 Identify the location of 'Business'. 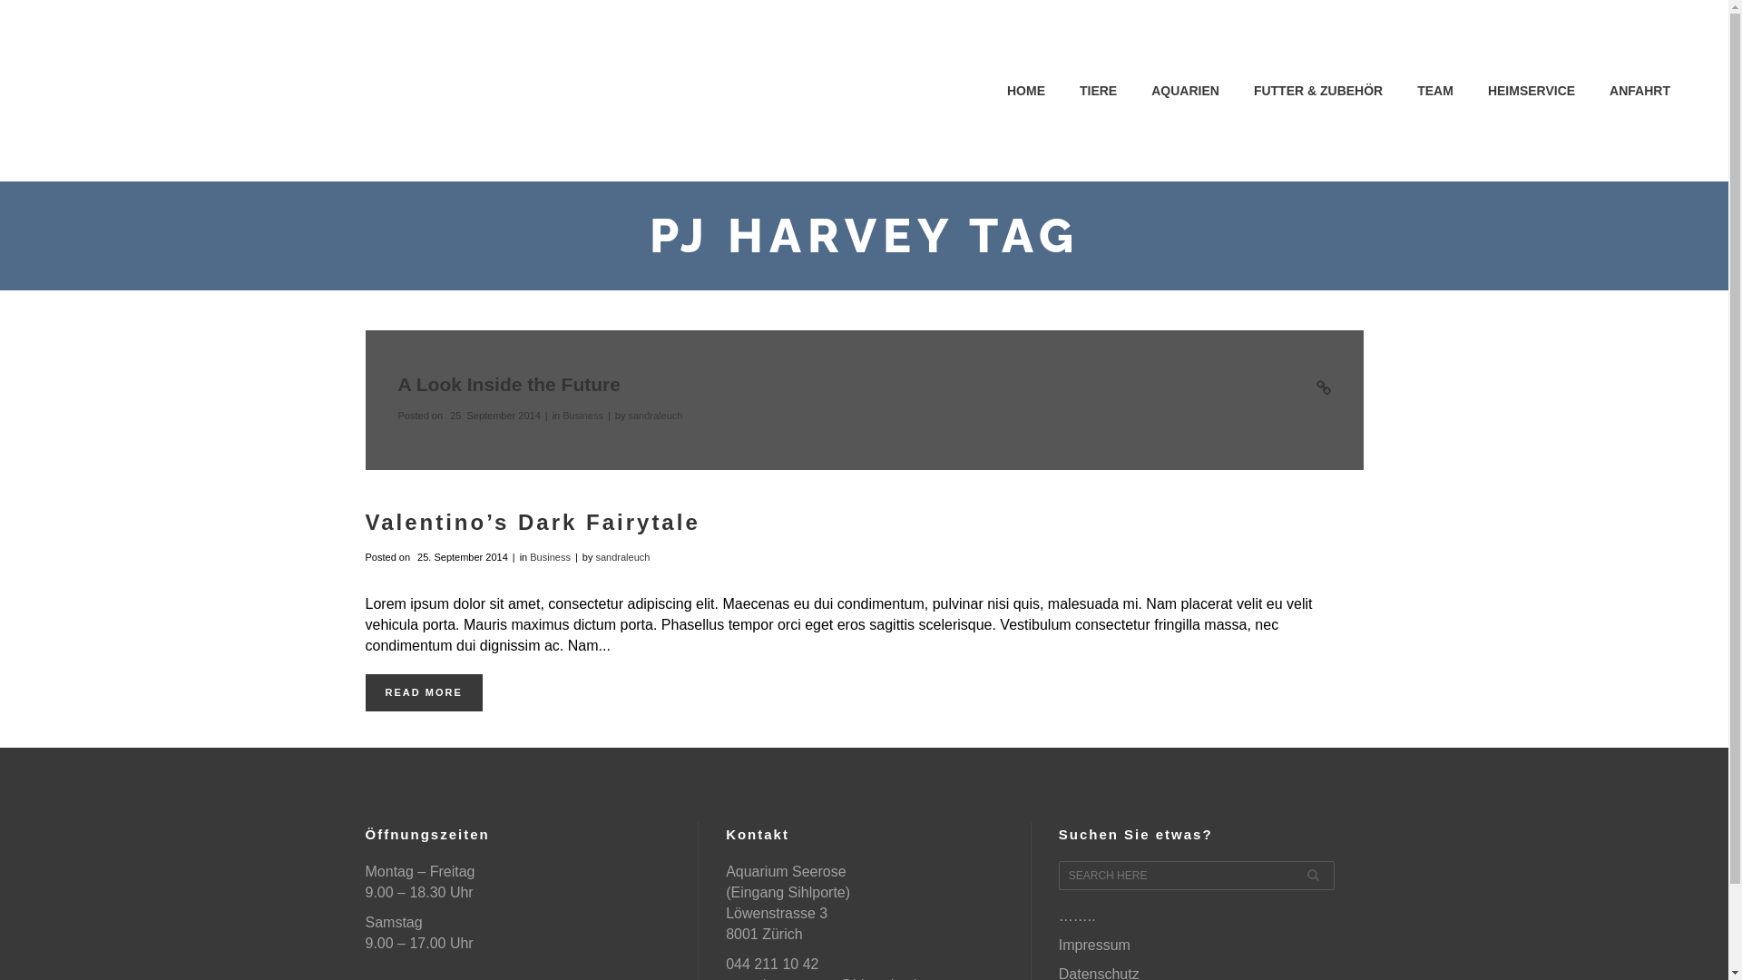
(582, 416).